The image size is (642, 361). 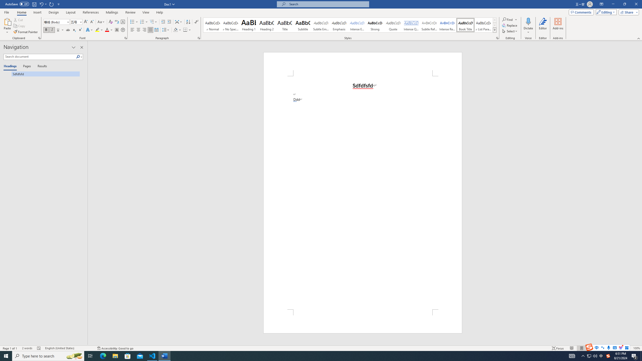 I want to click on 'Text Highlight Color', so click(x=99, y=30).